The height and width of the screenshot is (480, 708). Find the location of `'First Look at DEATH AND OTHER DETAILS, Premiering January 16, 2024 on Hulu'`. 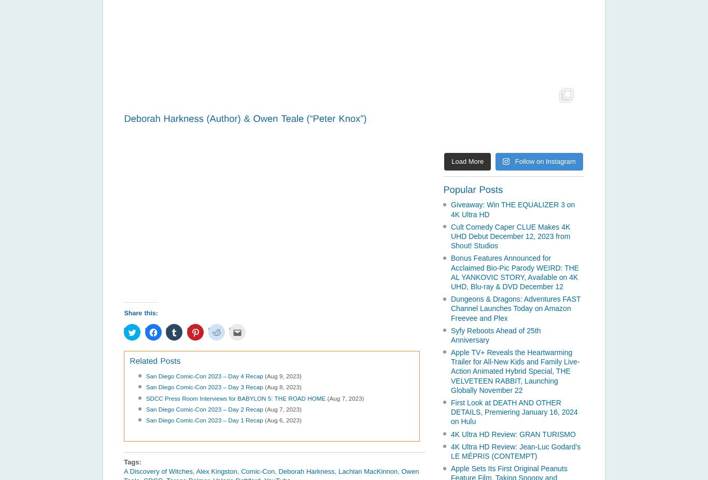

'First Look at DEATH AND OTHER DETAILS, Premiering January 16, 2024 on Hulu' is located at coordinates (514, 412).